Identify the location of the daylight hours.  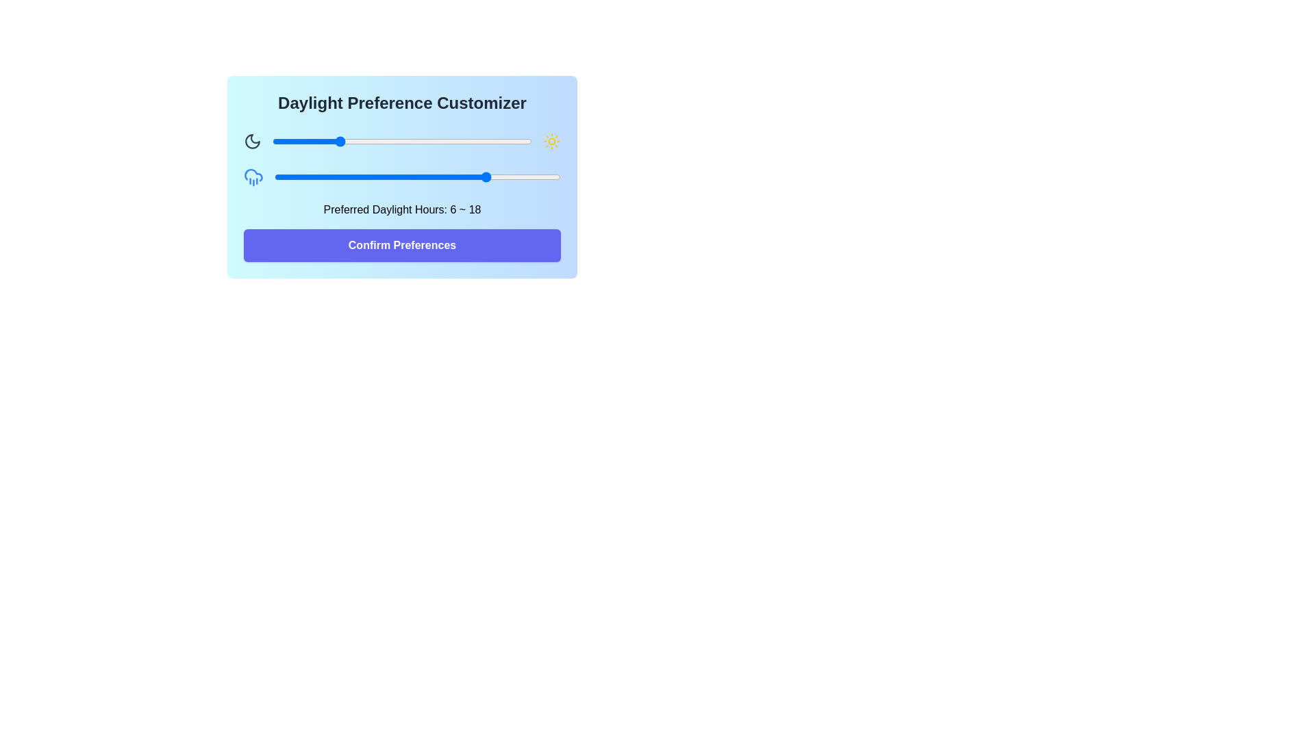
(467, 142).